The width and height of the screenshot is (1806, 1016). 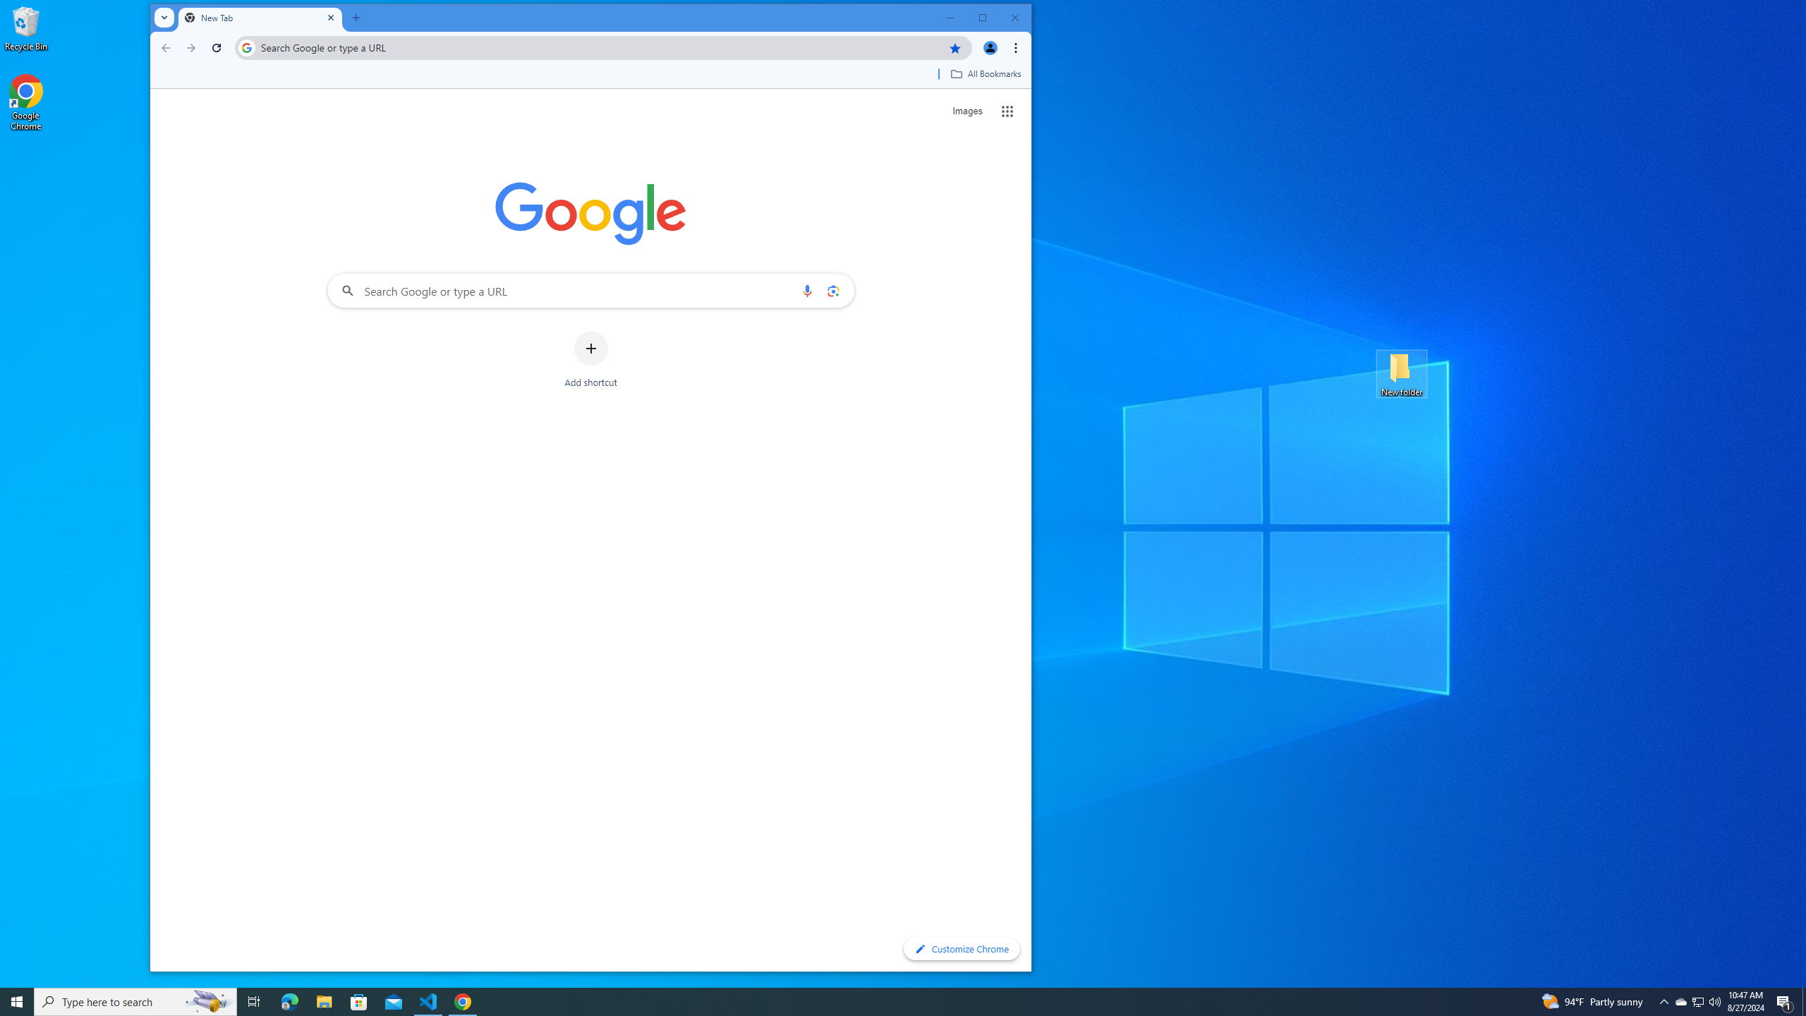 What do you see at coordinates (1401, 373) in the screenshot?
I see `'New folder'` at bounding box center [1401, 373].